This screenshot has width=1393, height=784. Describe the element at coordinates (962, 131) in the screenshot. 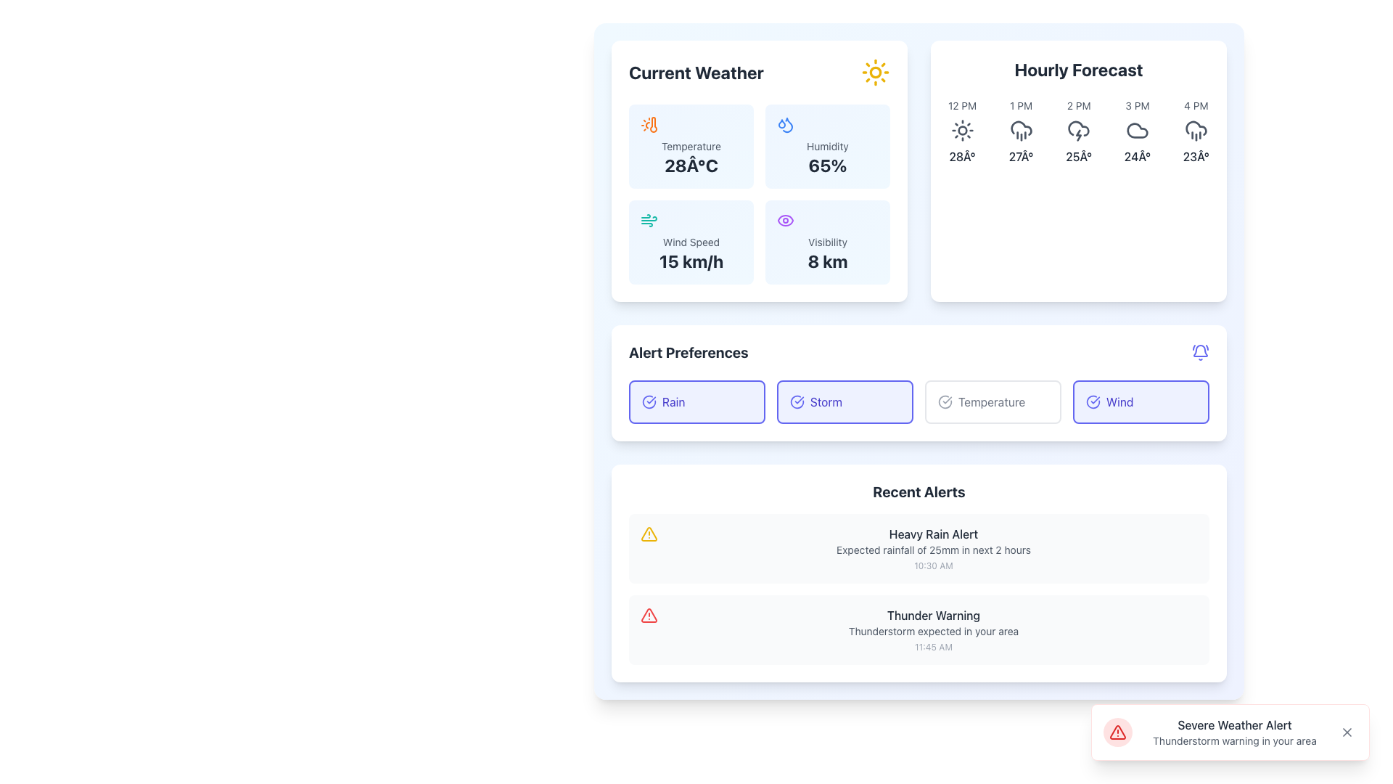

I see `the Weather forecast display unit for 12 PM to read additional details, which is the first element in the horizontally aligned forecast row under the 'Hourly Forecast' heading` at that location.